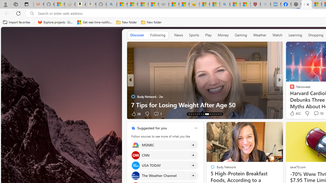 Image resolution: width=326 pixels, height=183 pixels. I want to click on 'AutomationID: tab-78', so click(216, 114).